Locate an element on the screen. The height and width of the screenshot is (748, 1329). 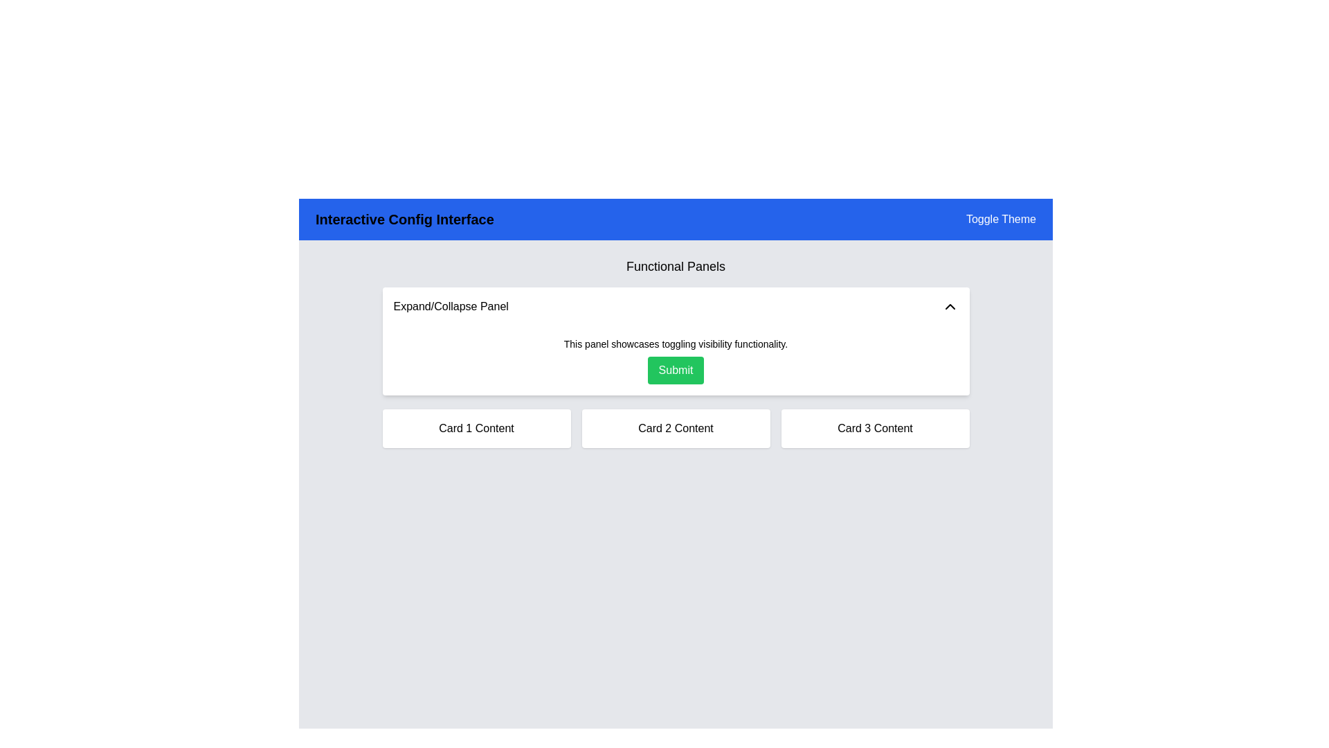
the button in the top-right corner of the header section, which toggles between different themes of the interface, to switch the theme is located at coordinates (1001, 218).